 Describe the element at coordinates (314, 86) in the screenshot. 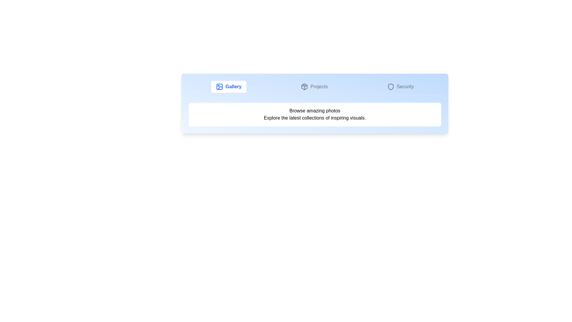

I see `the Projects tab by clicking its respective button` at that location.